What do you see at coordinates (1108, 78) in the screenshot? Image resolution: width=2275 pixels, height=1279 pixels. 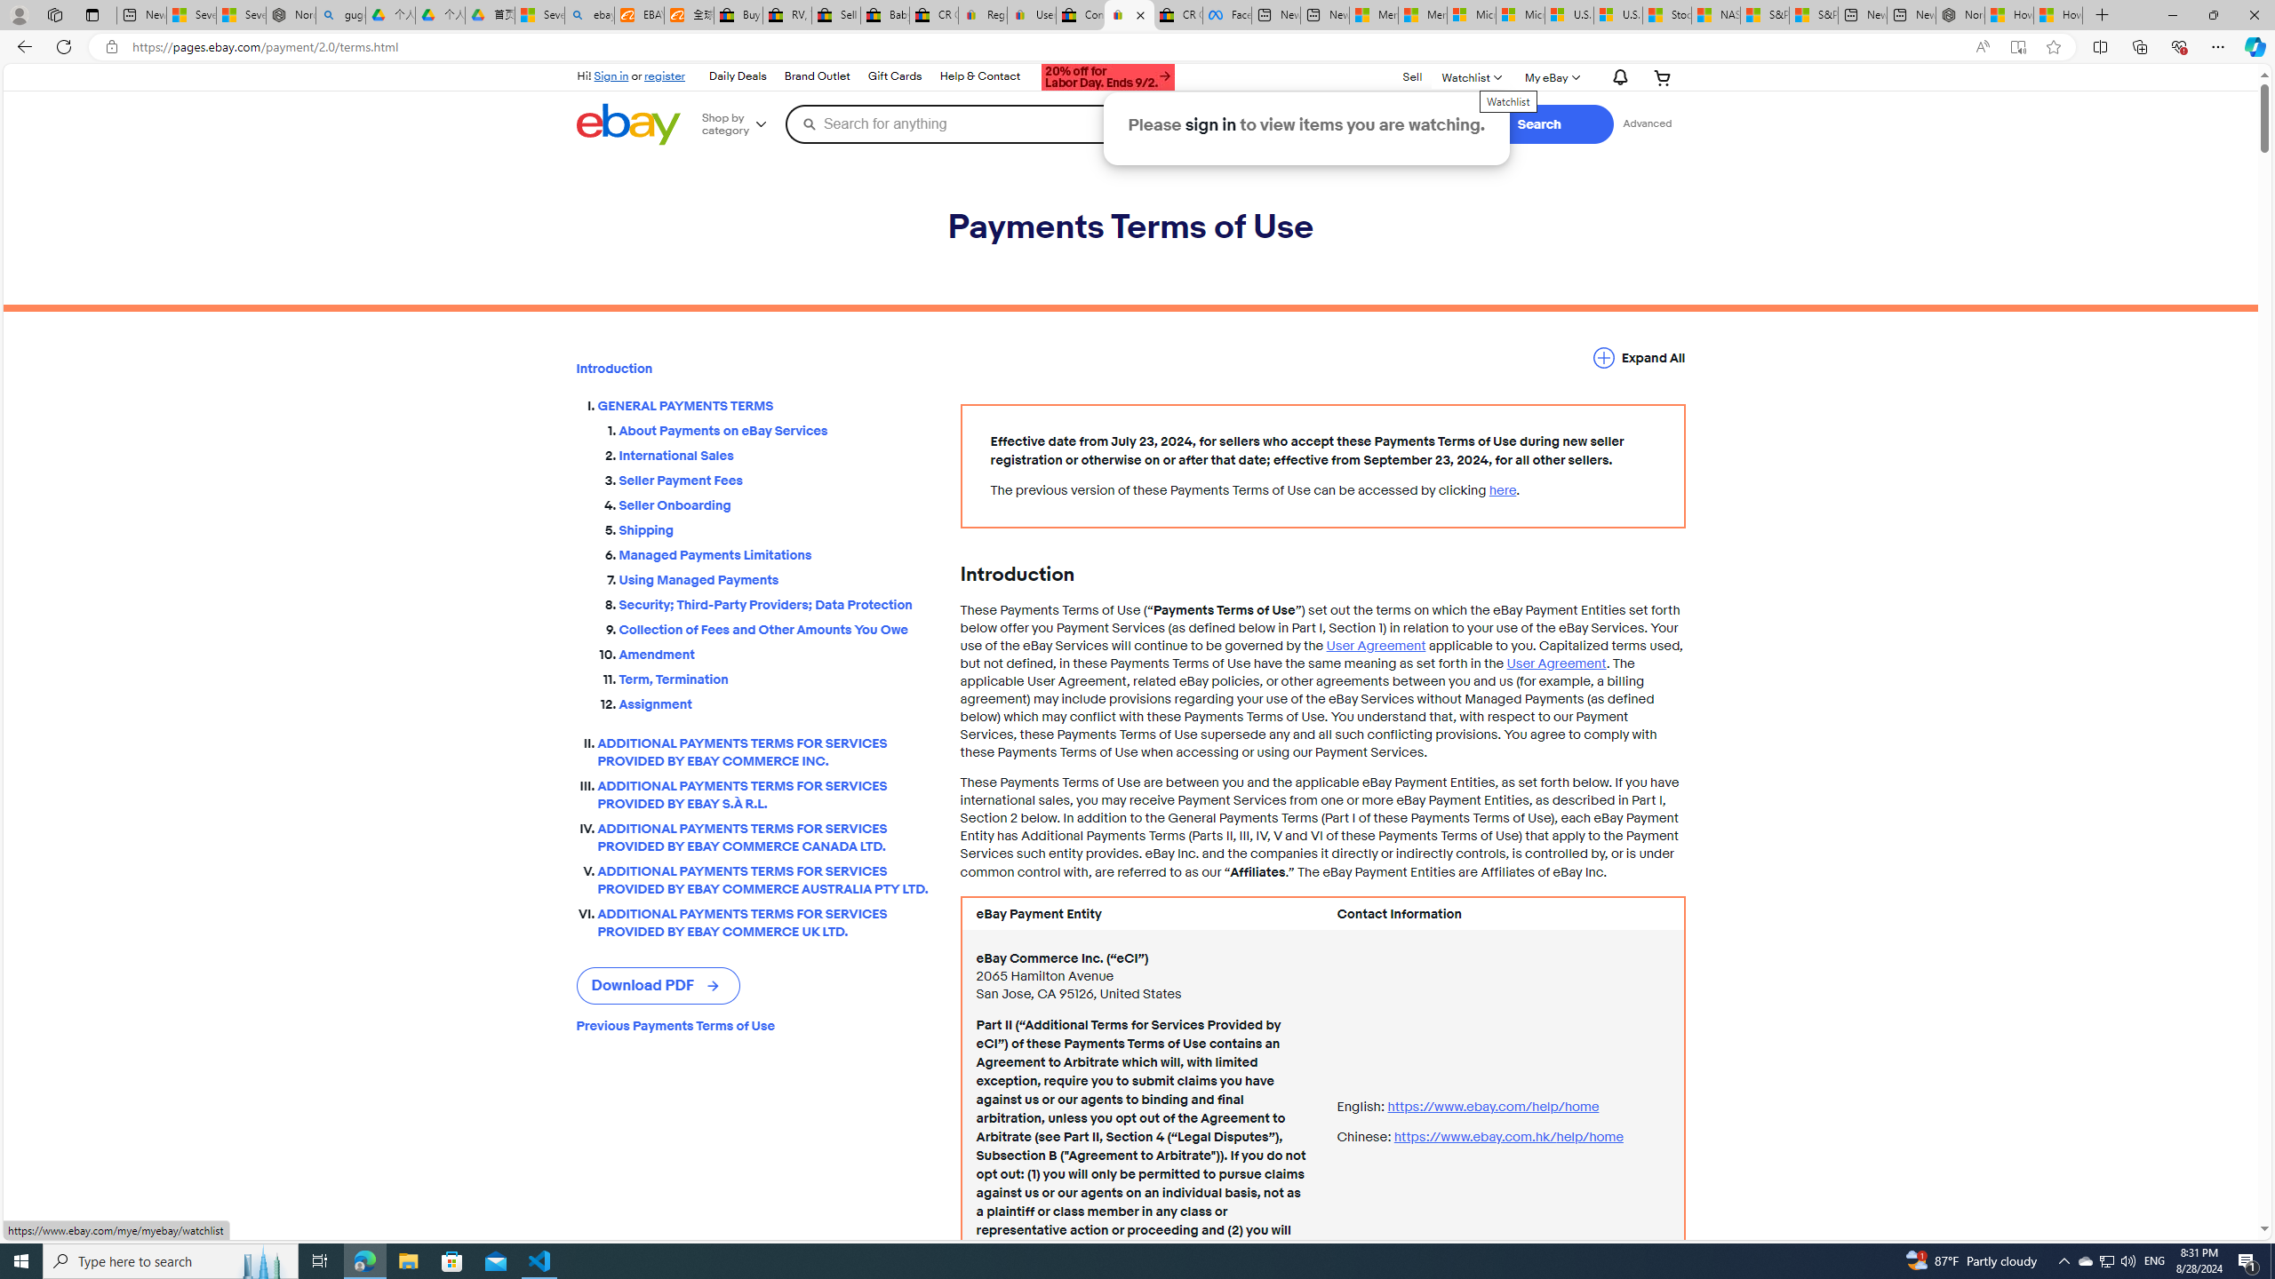 I see `'Get the coupon now'` at bounding box center [1108, 78].